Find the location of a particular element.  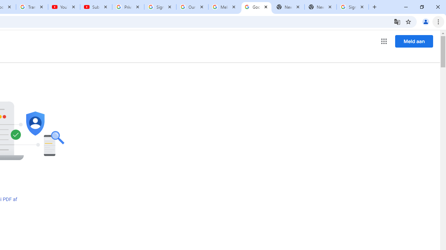

'Meld aan' is located at coordinates (414, 41).